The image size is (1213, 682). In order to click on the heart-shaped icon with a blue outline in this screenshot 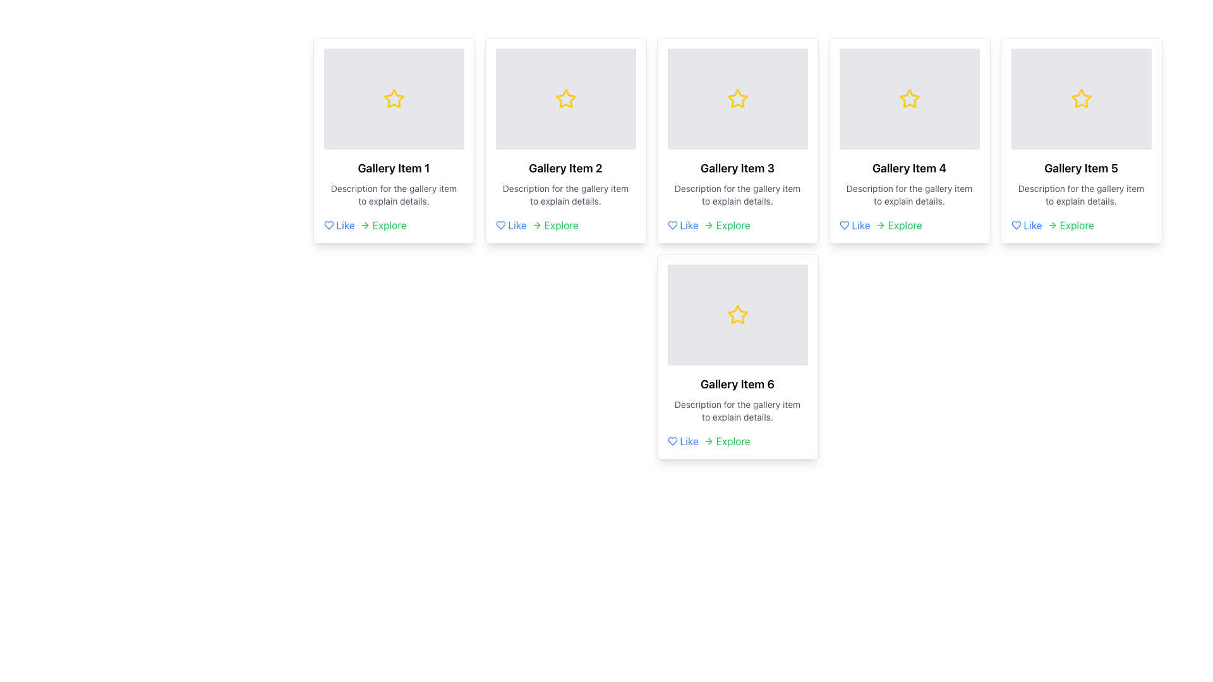, I will do `click(329, 225)`.